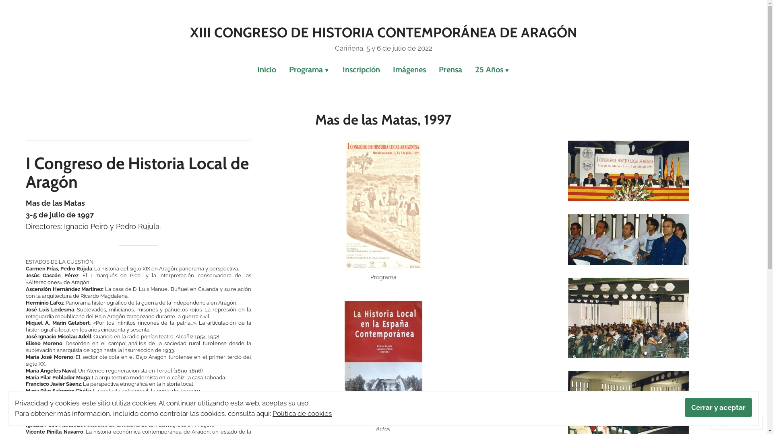 The image size is (773, 434). What do you see at coordinates (718, 407) in the screenshot?
I see `'Cerrar y aceptar'` at bounding box center [718, 407].